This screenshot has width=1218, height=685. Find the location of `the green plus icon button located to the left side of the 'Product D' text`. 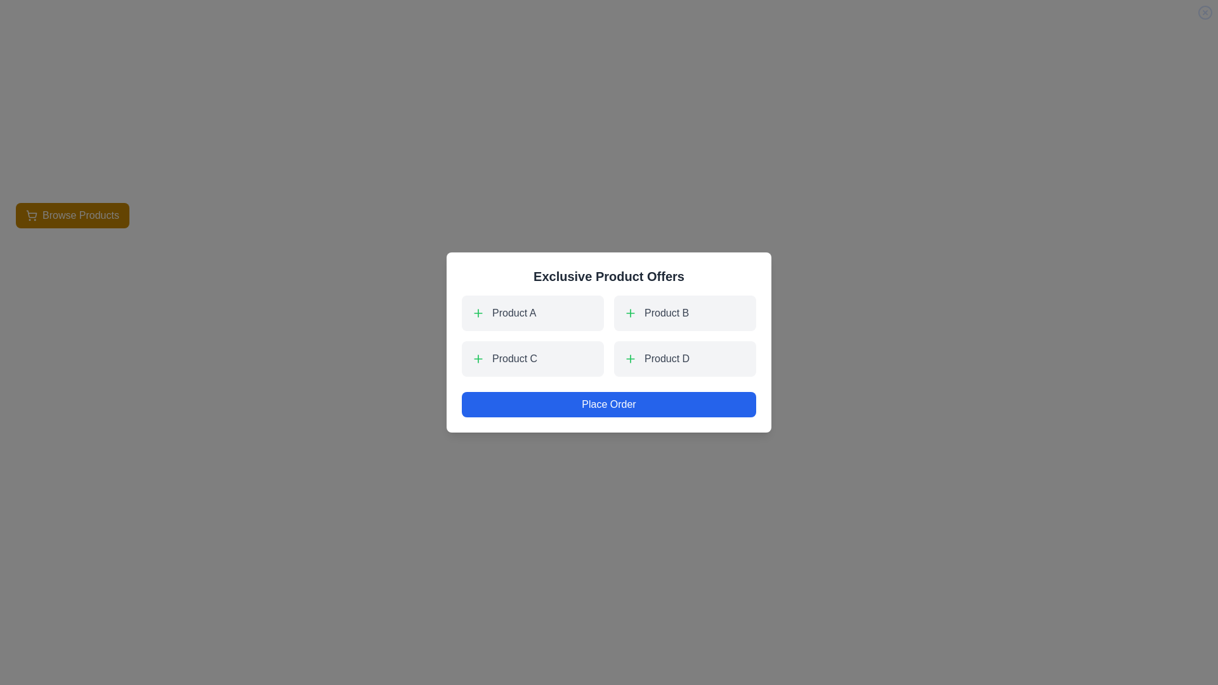

the green plus icon button located to the left side of the 'Product D' text is located at coordinates (630, 359).